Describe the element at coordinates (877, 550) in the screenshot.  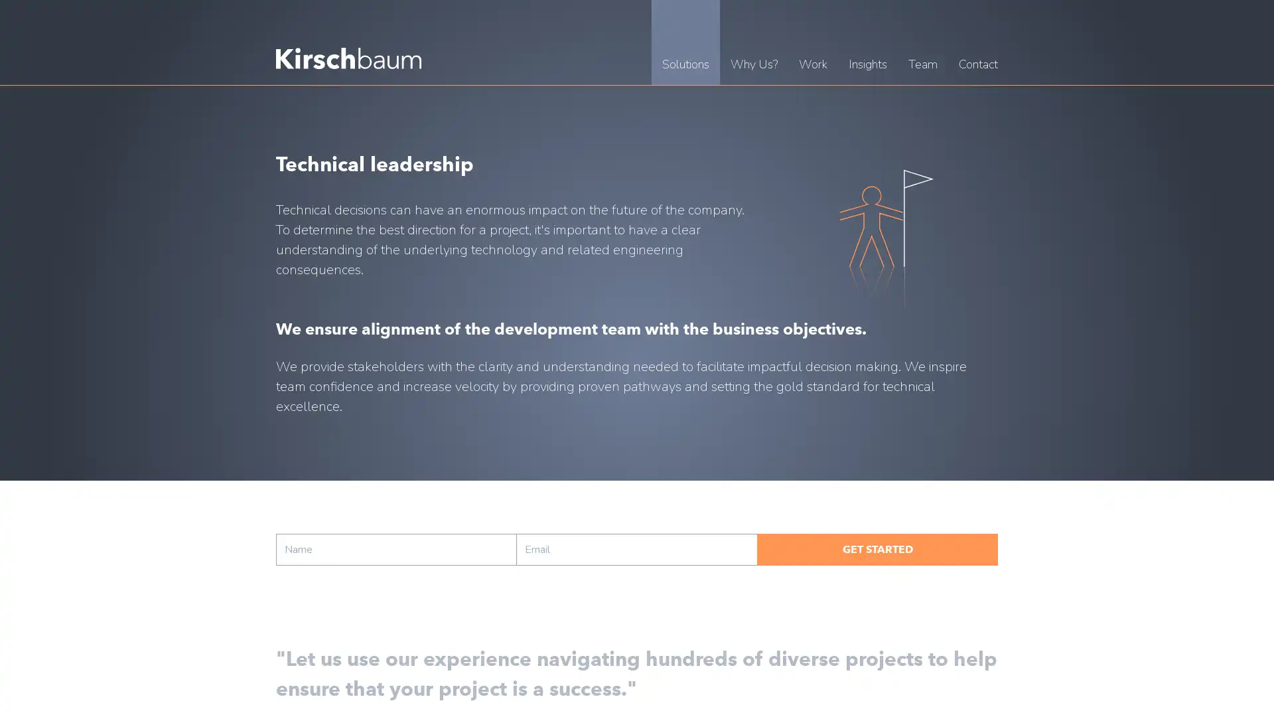
I see `GET STARTED` at that location.